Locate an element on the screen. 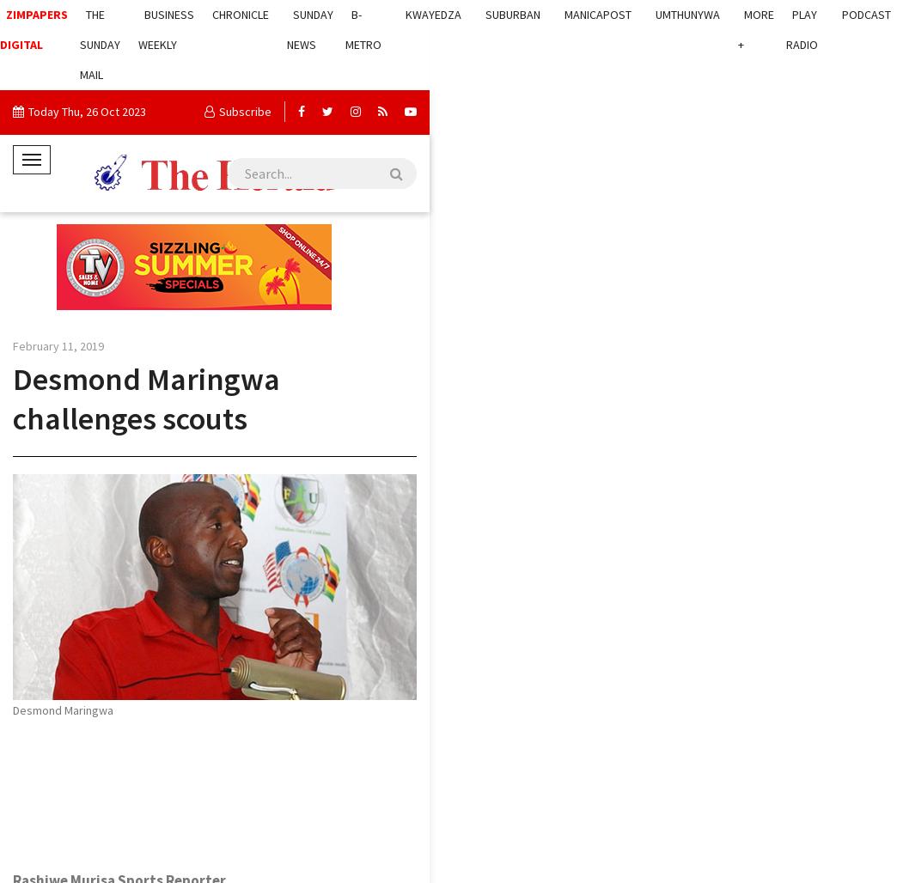 The width and height of the screenshot is (897, 883). 'Kwayedza' is located at coordinates (433, 14).